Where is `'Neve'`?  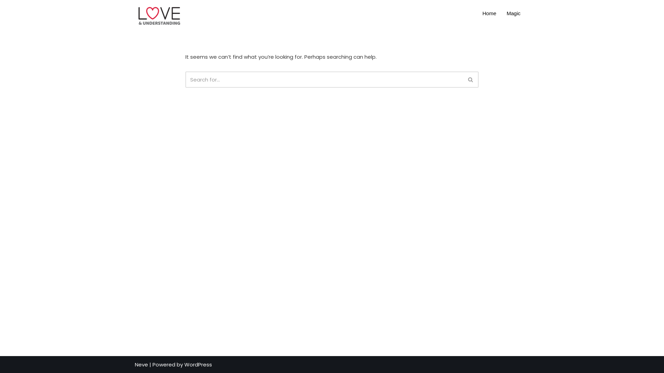
'Neve' is located at coordinates (135, 364).